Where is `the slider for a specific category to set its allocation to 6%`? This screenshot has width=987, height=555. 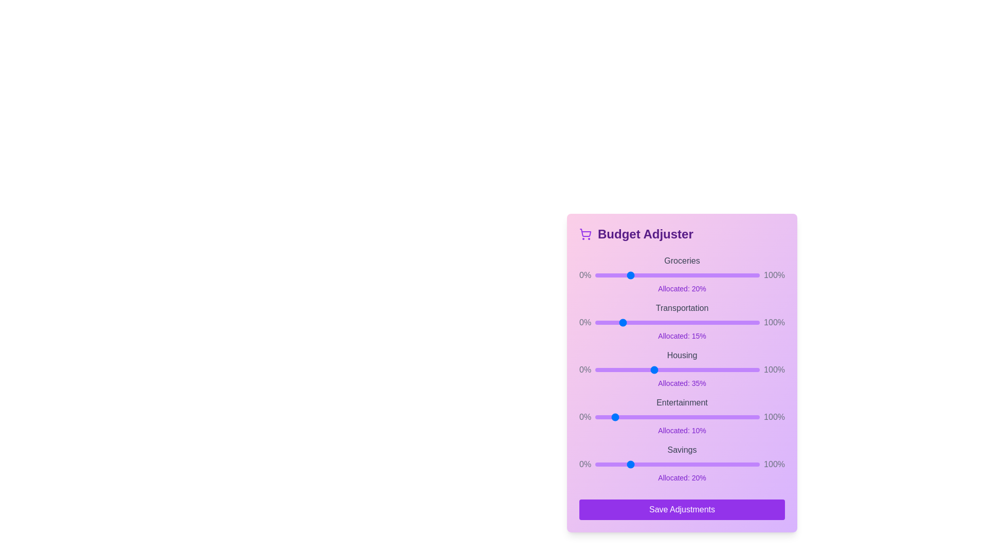 the slider for a specific category to set its allocation to 6% is located at coordinates (605, 275).